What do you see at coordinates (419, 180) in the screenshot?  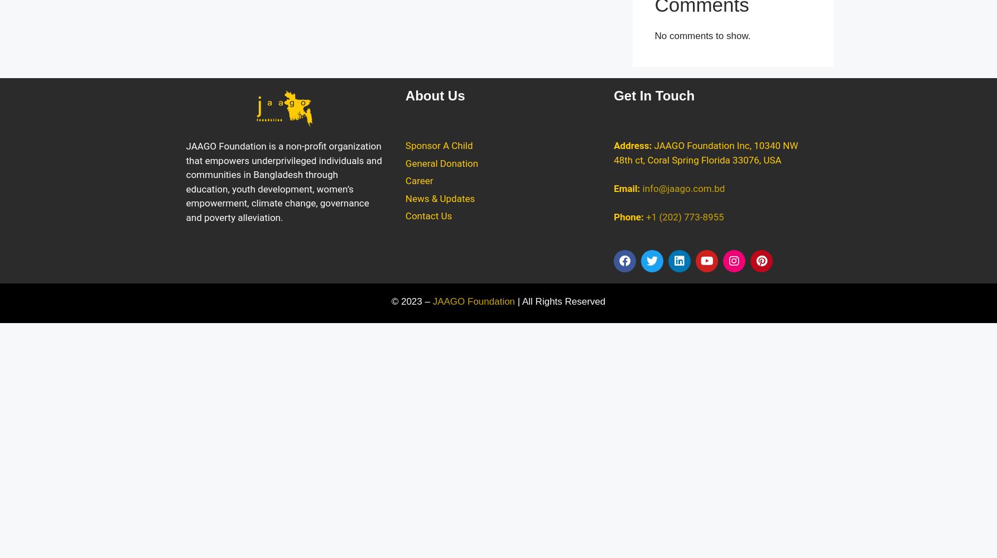 I see `'Career'` at bounding box center [419, 180].